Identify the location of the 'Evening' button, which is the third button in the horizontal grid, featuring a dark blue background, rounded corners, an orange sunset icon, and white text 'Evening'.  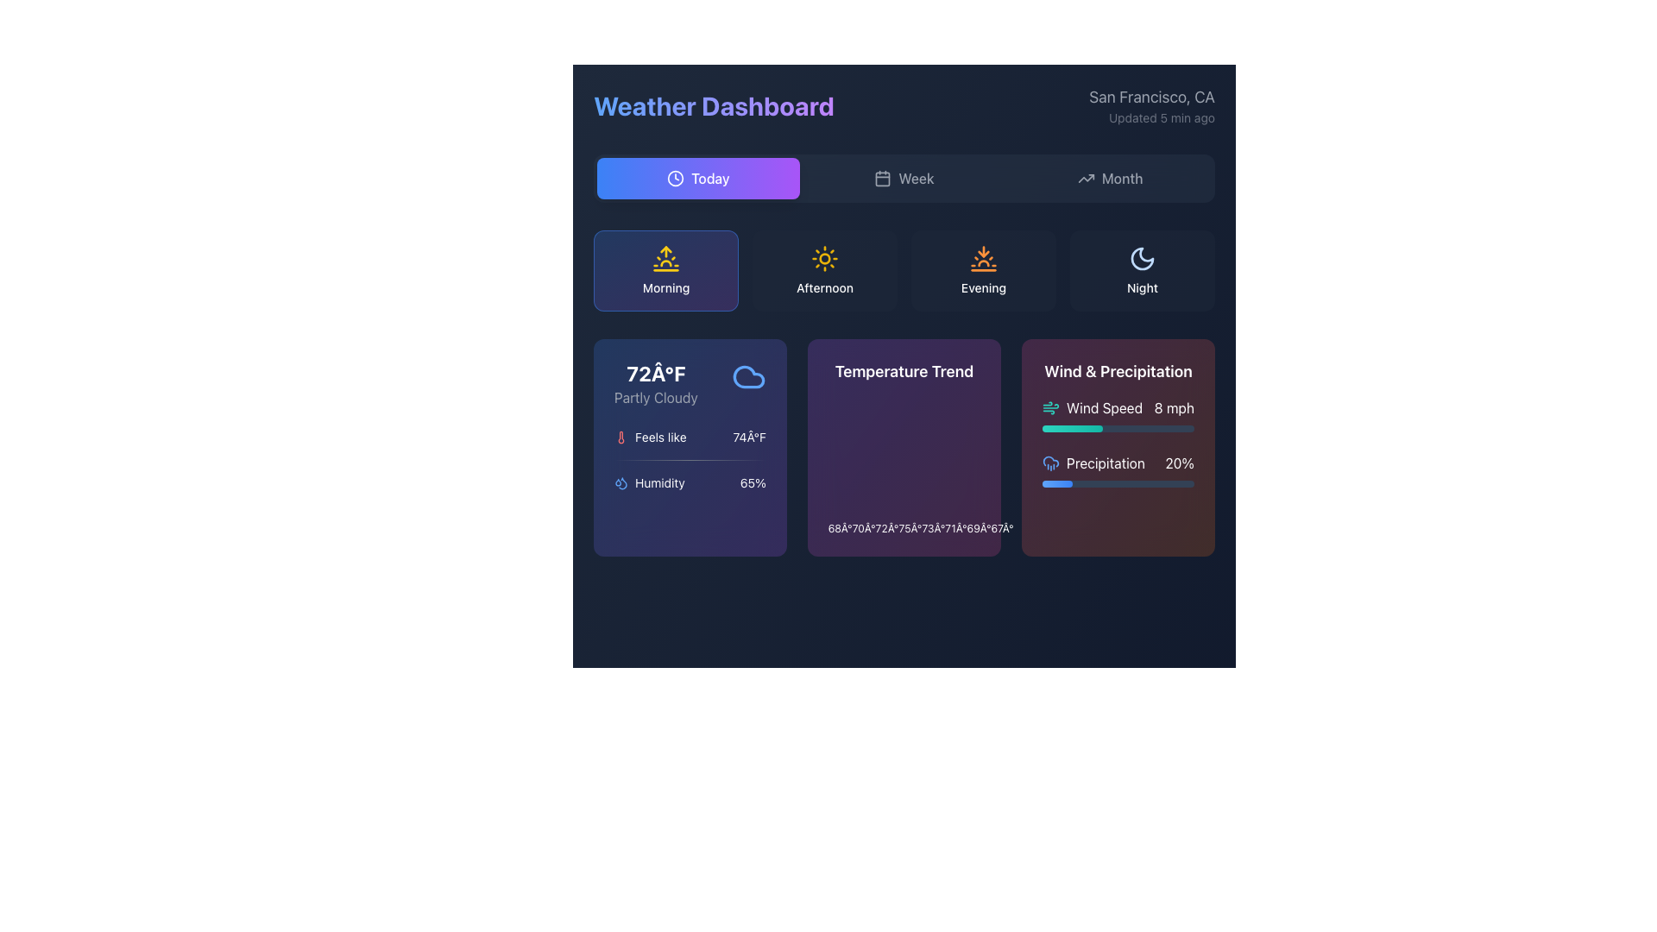
(984, 270).